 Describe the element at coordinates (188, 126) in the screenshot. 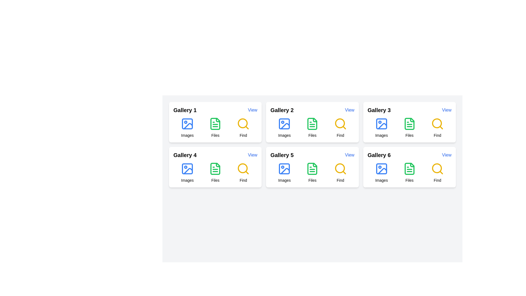

I see `blue outlined sloped edge line drawing within the rectangular image icon under the 'Gallery 1' card` at that location.